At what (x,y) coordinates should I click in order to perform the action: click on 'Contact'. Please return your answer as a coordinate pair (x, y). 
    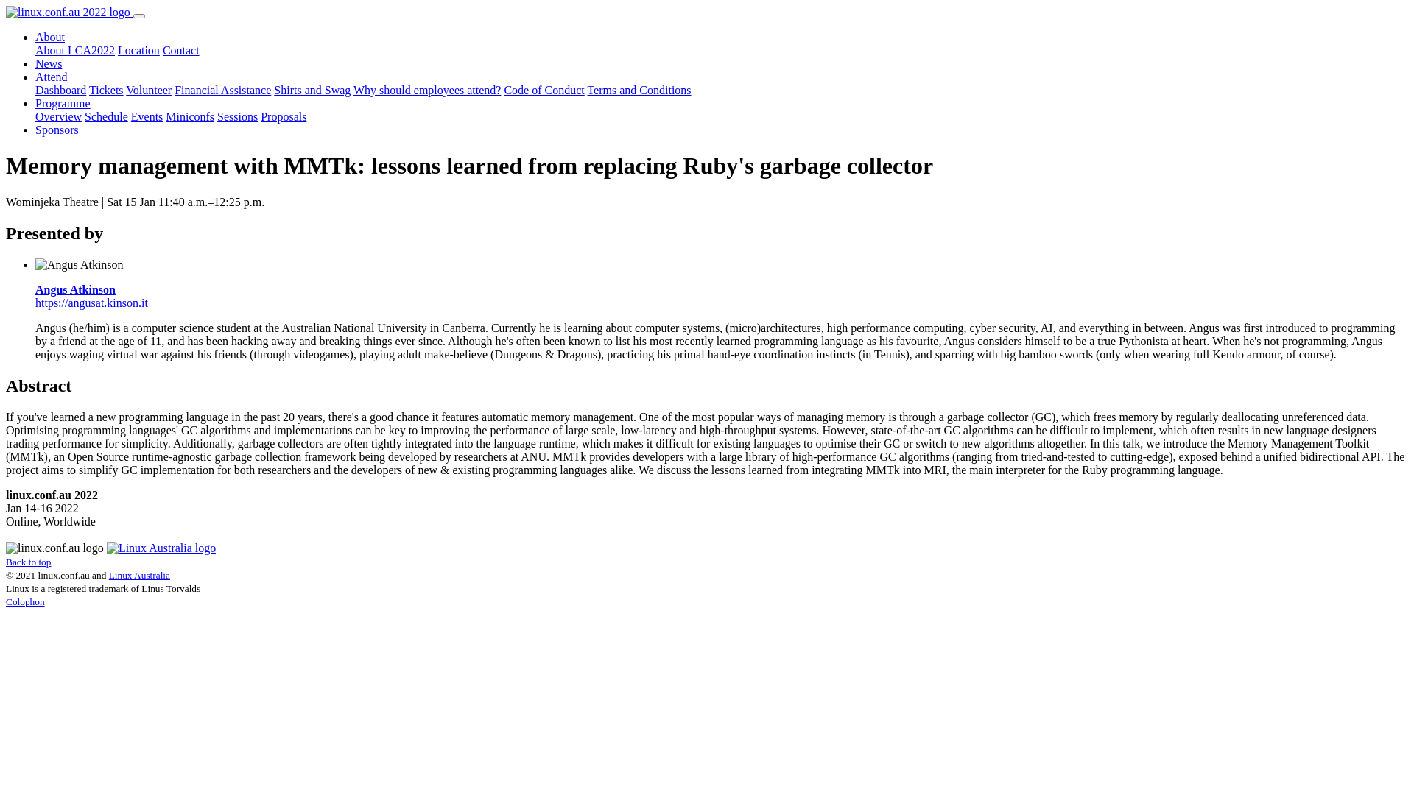
    Looking at the image, I should click on (180, 49).